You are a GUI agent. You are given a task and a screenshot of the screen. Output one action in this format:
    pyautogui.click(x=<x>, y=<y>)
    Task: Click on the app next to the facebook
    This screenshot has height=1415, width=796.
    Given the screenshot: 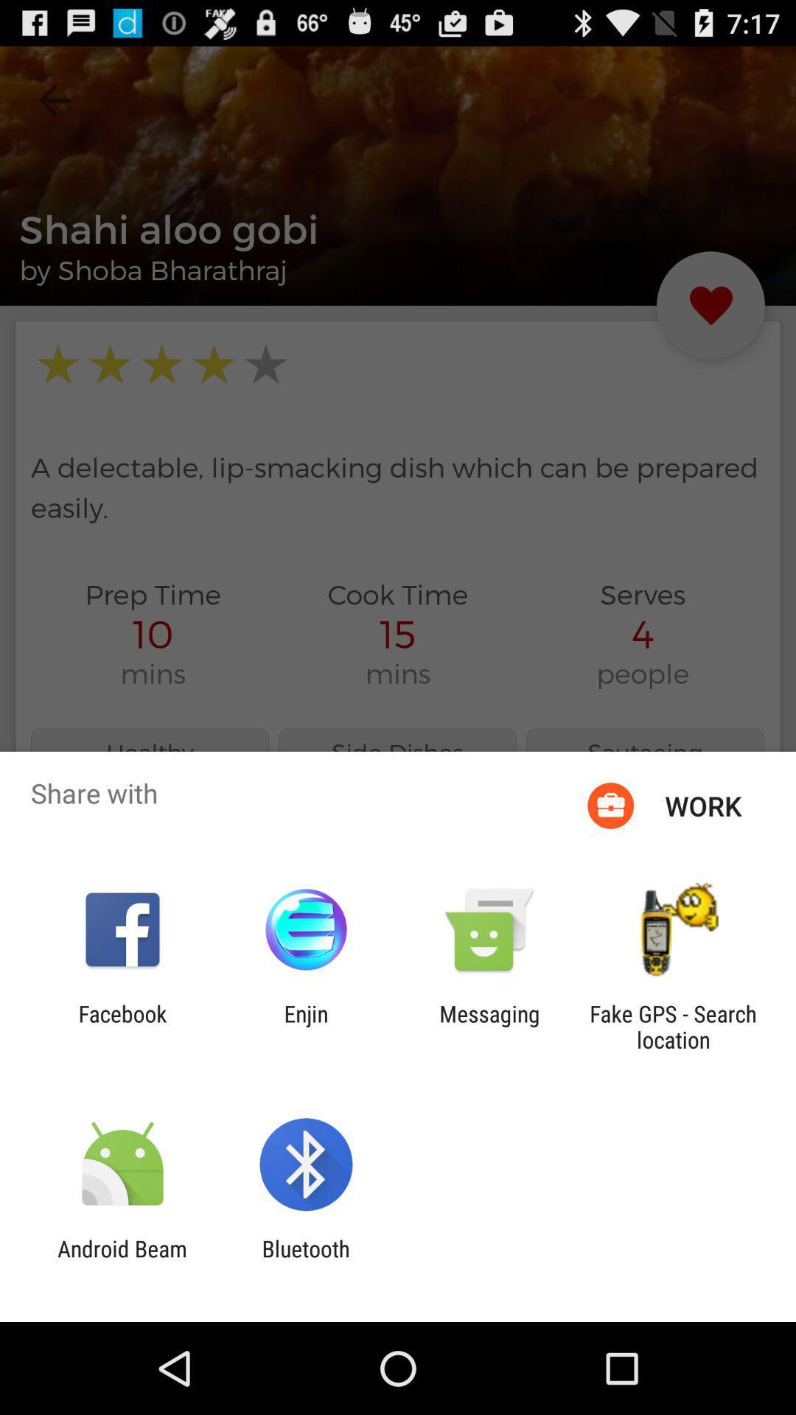 What is the action you would take?
    pyautogui.click(x=305, y=1026)
    